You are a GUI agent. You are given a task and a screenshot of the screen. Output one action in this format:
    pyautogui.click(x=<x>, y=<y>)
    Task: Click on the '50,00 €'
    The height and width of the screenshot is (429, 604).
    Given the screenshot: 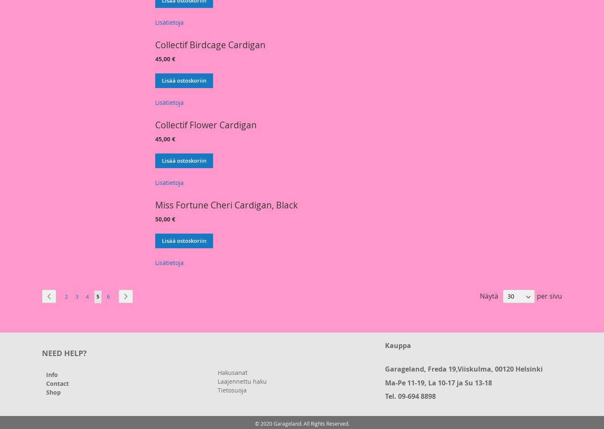 What is the action you would take?
    pyautogui.click(x=164, y=218)
    